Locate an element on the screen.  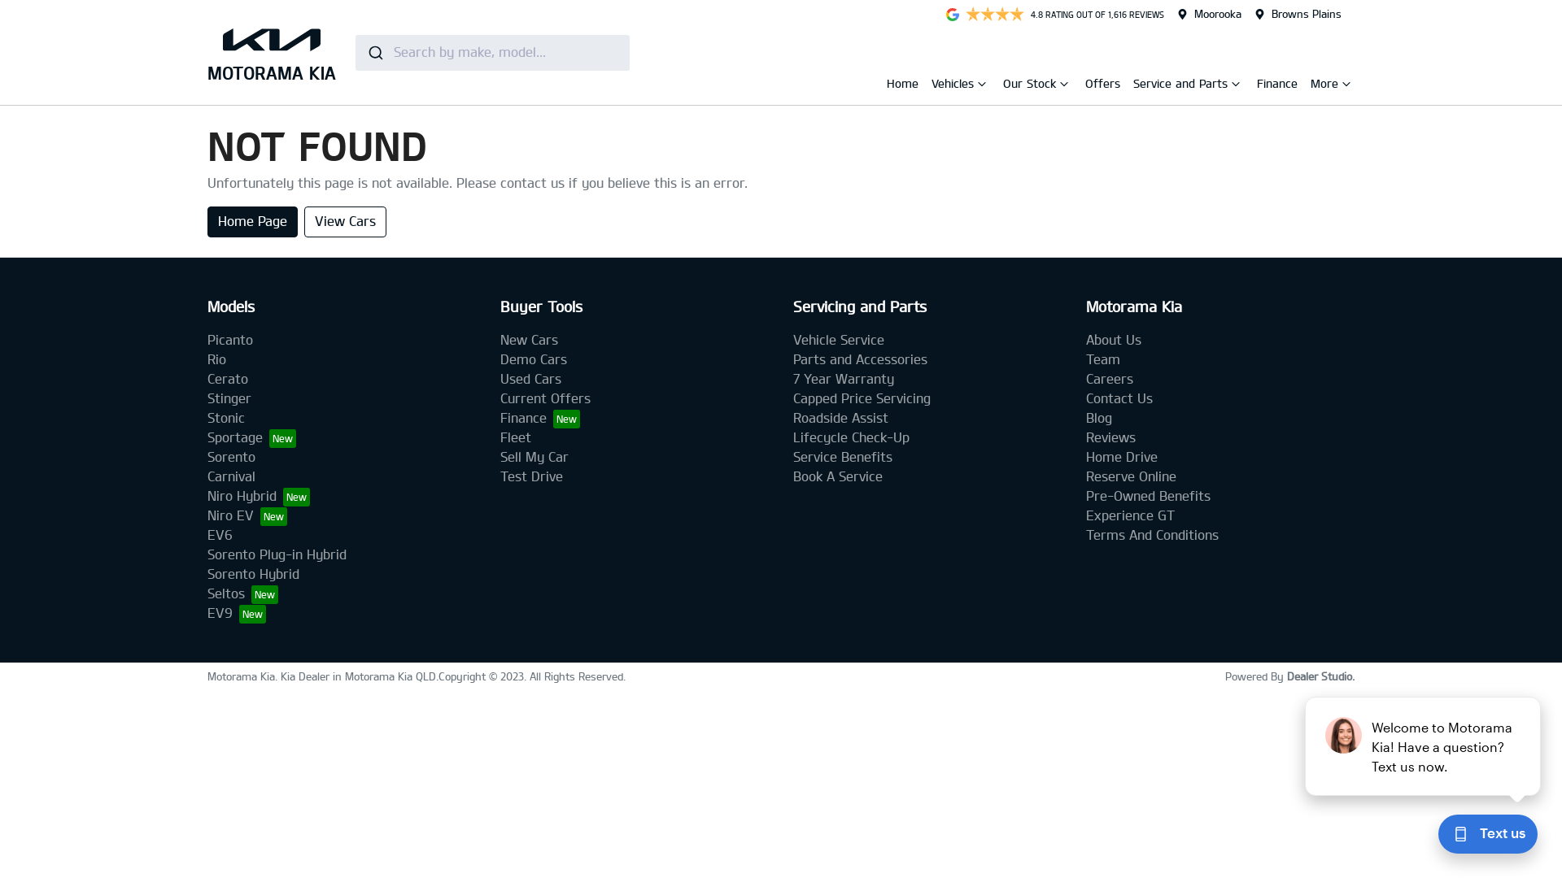
'Niro Hybrid' is located at coordinates (206, 495).